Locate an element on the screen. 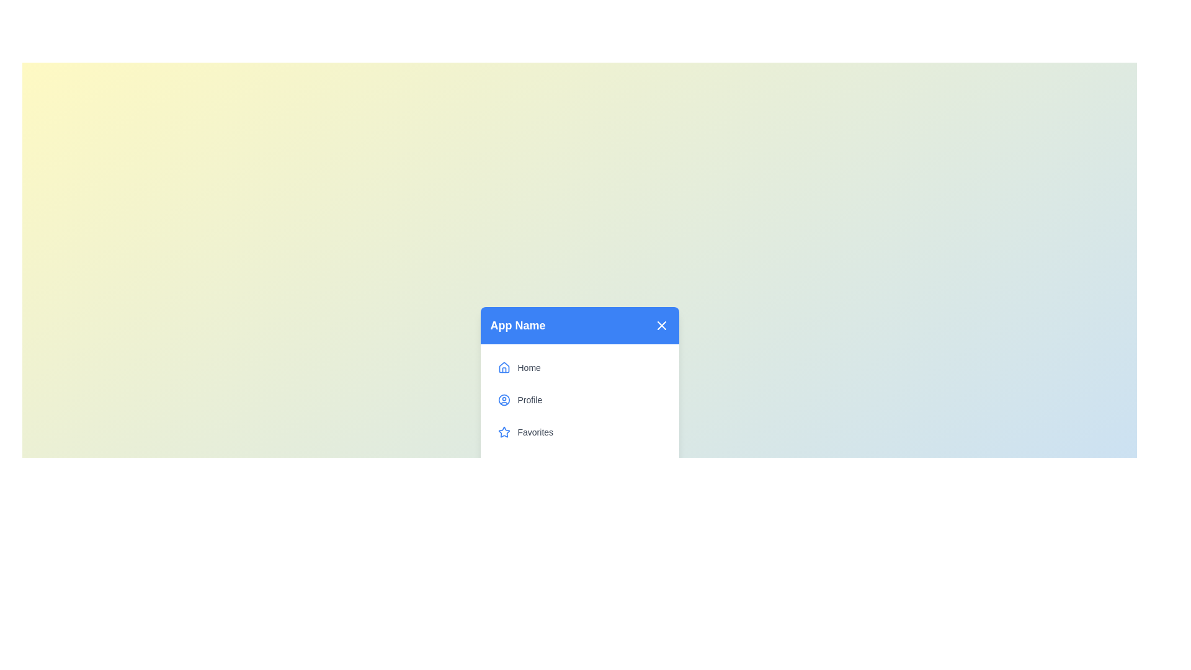  the menu item labeled Favorites to trigger its associated action is located at coordinates (579, 432).